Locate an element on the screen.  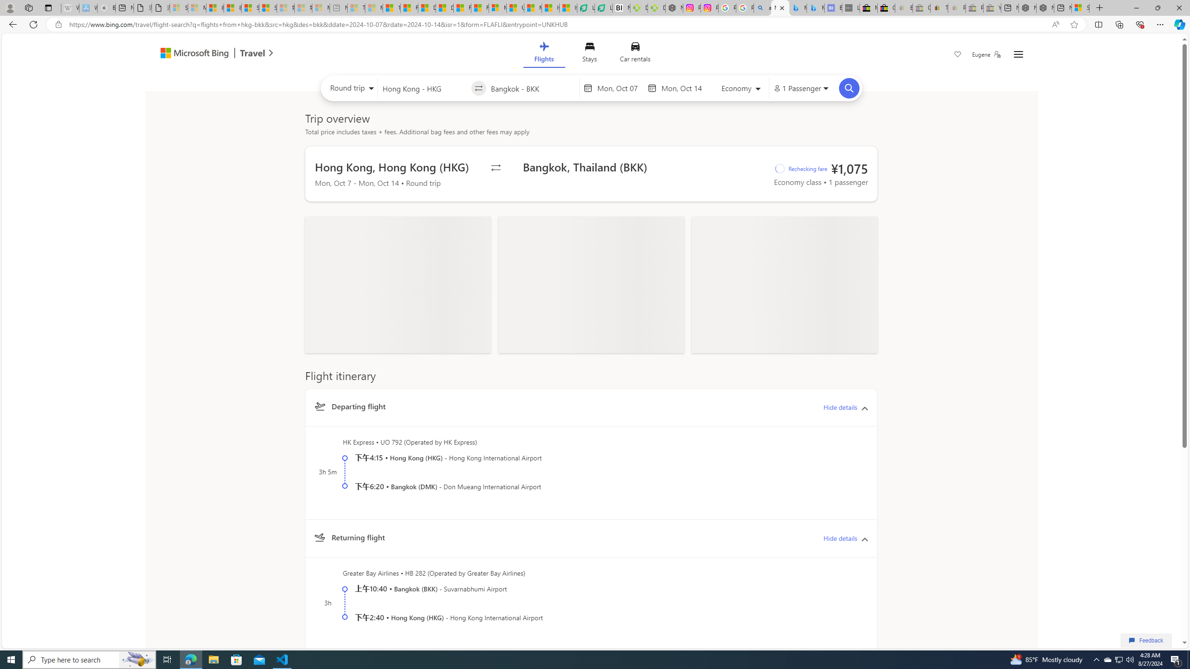
'US Heat Deaths Soared To Record High Last Year' is located at coordinates (515, 7).